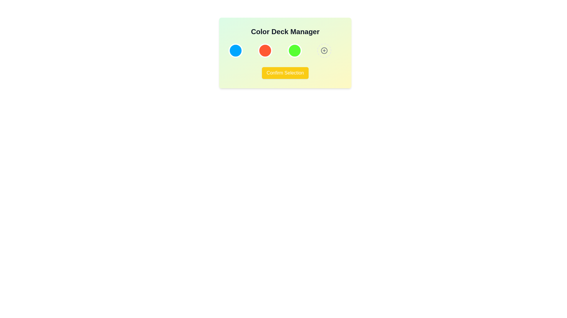 The image size is (567, 318). What do you see at coordinates (295, 50) in the screenshot?
I see `the bright green circular selectable color option with a white border, which is the third item from the left in the grid under the 'Color Deck Manager' title` at bounding box center [295, 50].